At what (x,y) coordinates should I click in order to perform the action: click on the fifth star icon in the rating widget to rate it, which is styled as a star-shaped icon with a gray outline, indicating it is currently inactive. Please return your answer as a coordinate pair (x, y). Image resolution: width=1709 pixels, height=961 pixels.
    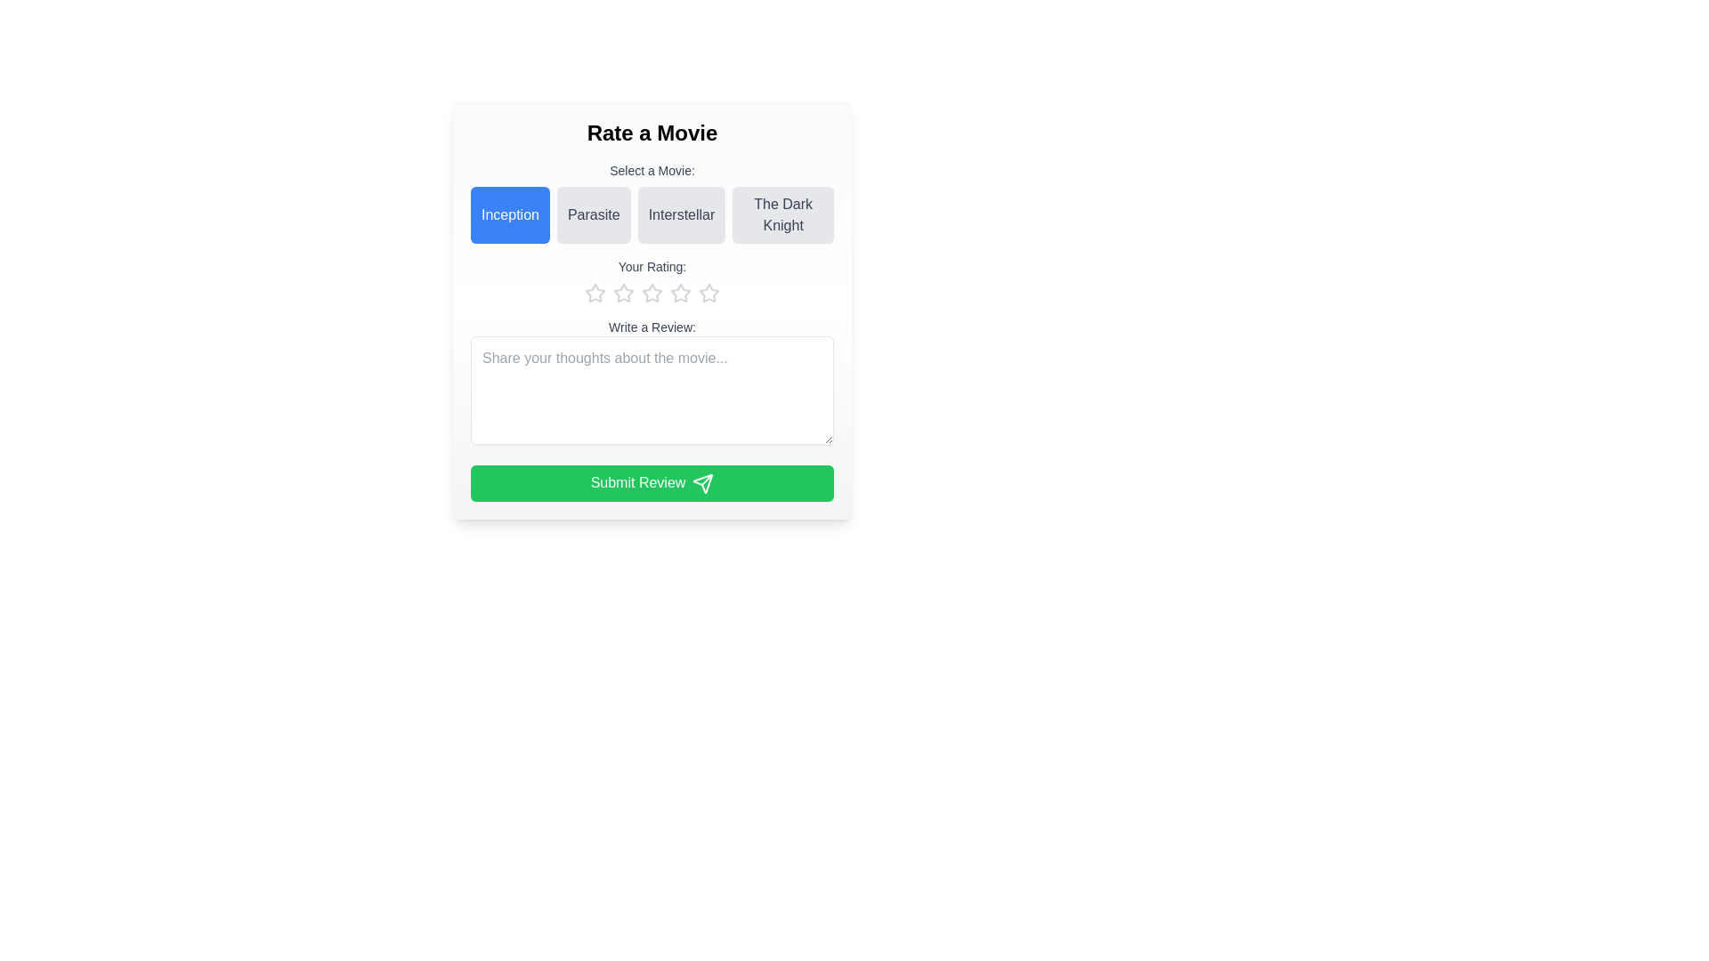
    Looking at the image, I should click on (708, 293).